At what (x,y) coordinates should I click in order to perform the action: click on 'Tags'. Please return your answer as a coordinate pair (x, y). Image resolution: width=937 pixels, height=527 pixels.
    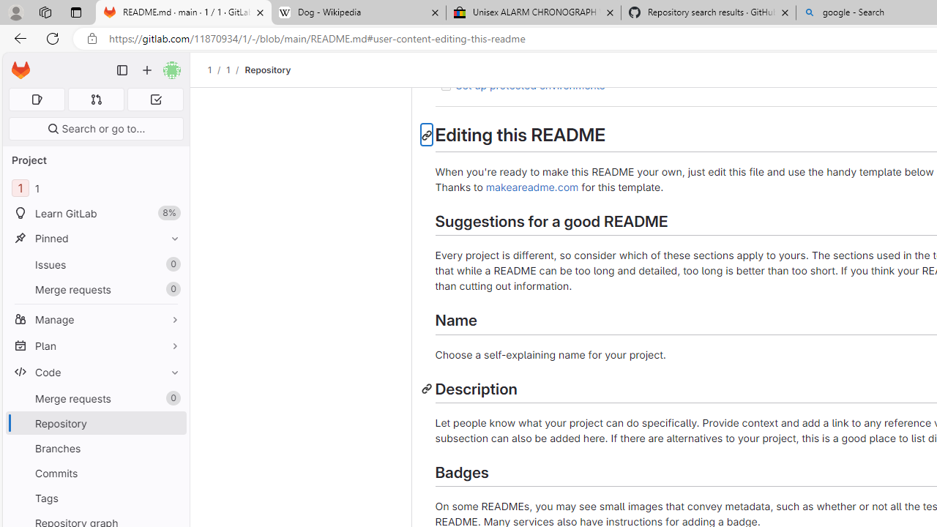
    Looking at the image, I should click on (95, 497).